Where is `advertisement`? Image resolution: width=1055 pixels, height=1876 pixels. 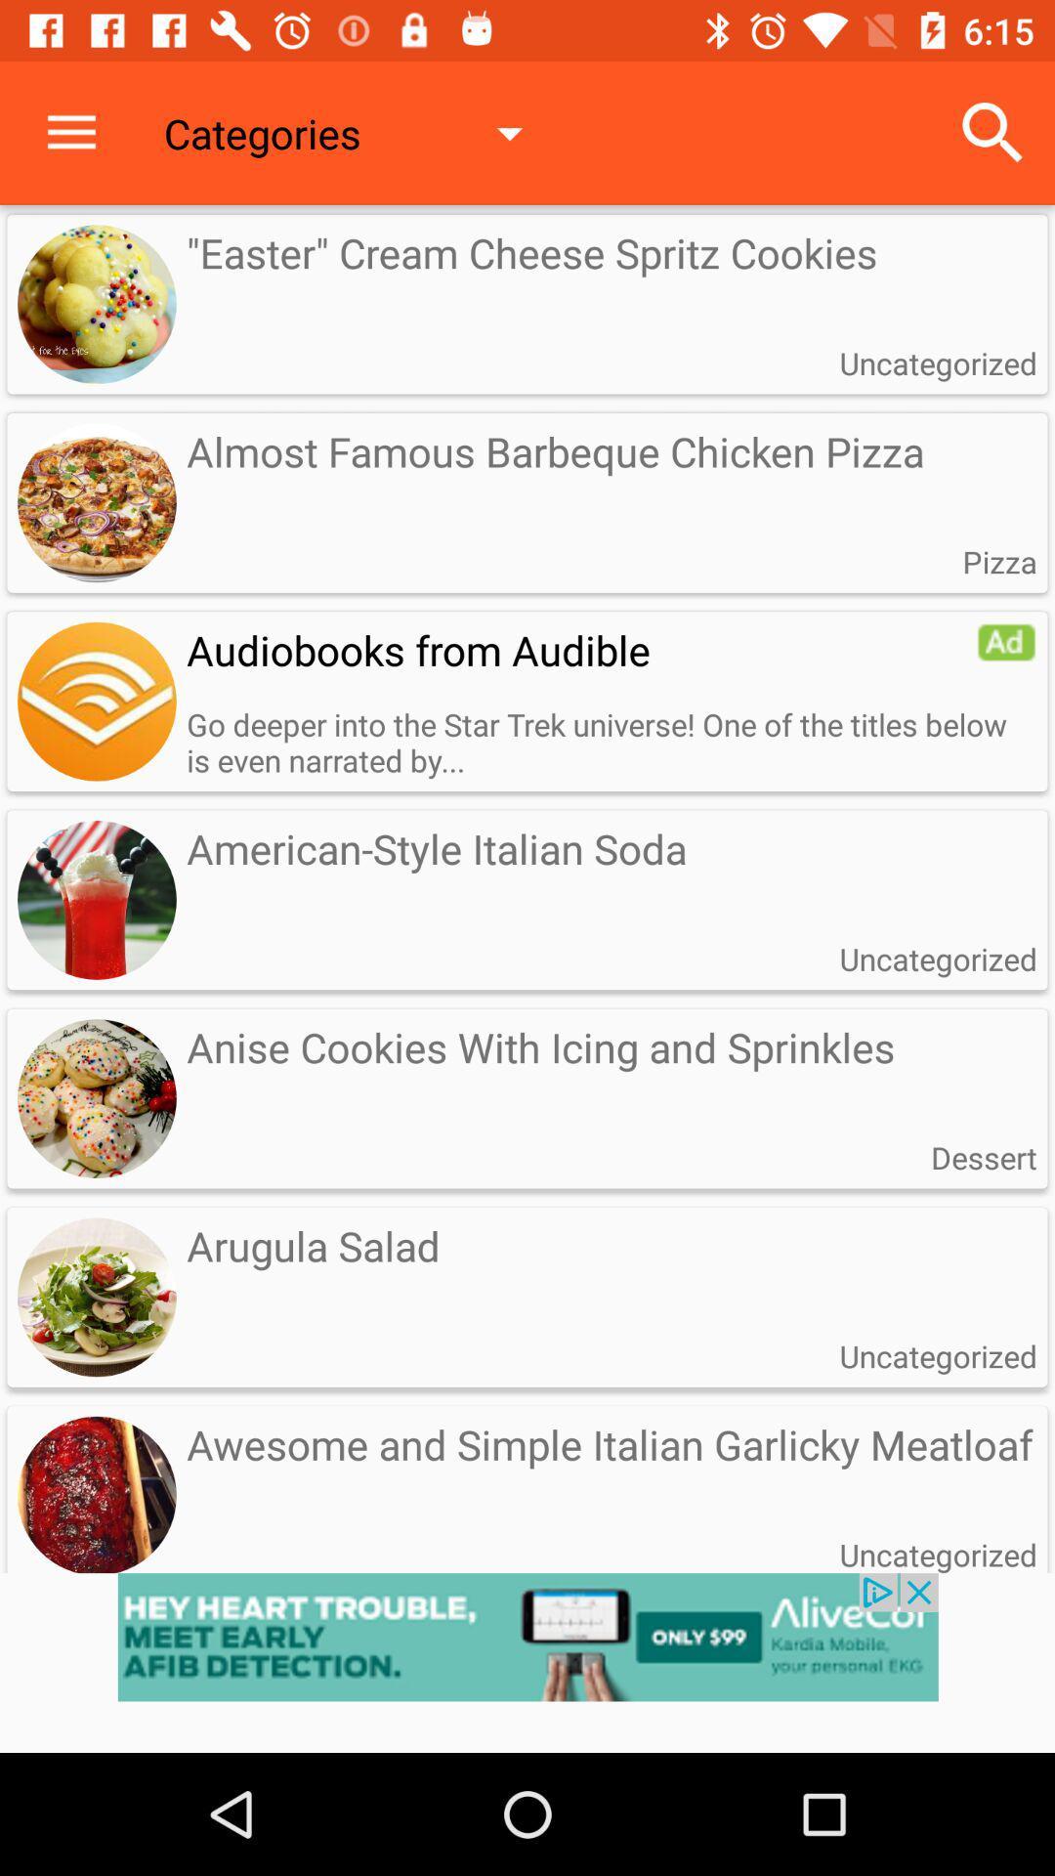
advertisement is located at coordinates (527, 1662).